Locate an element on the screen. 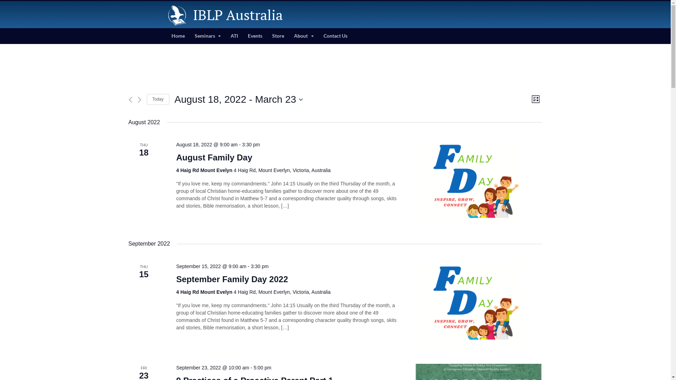  'Store' is located at coordinates (278, 36).